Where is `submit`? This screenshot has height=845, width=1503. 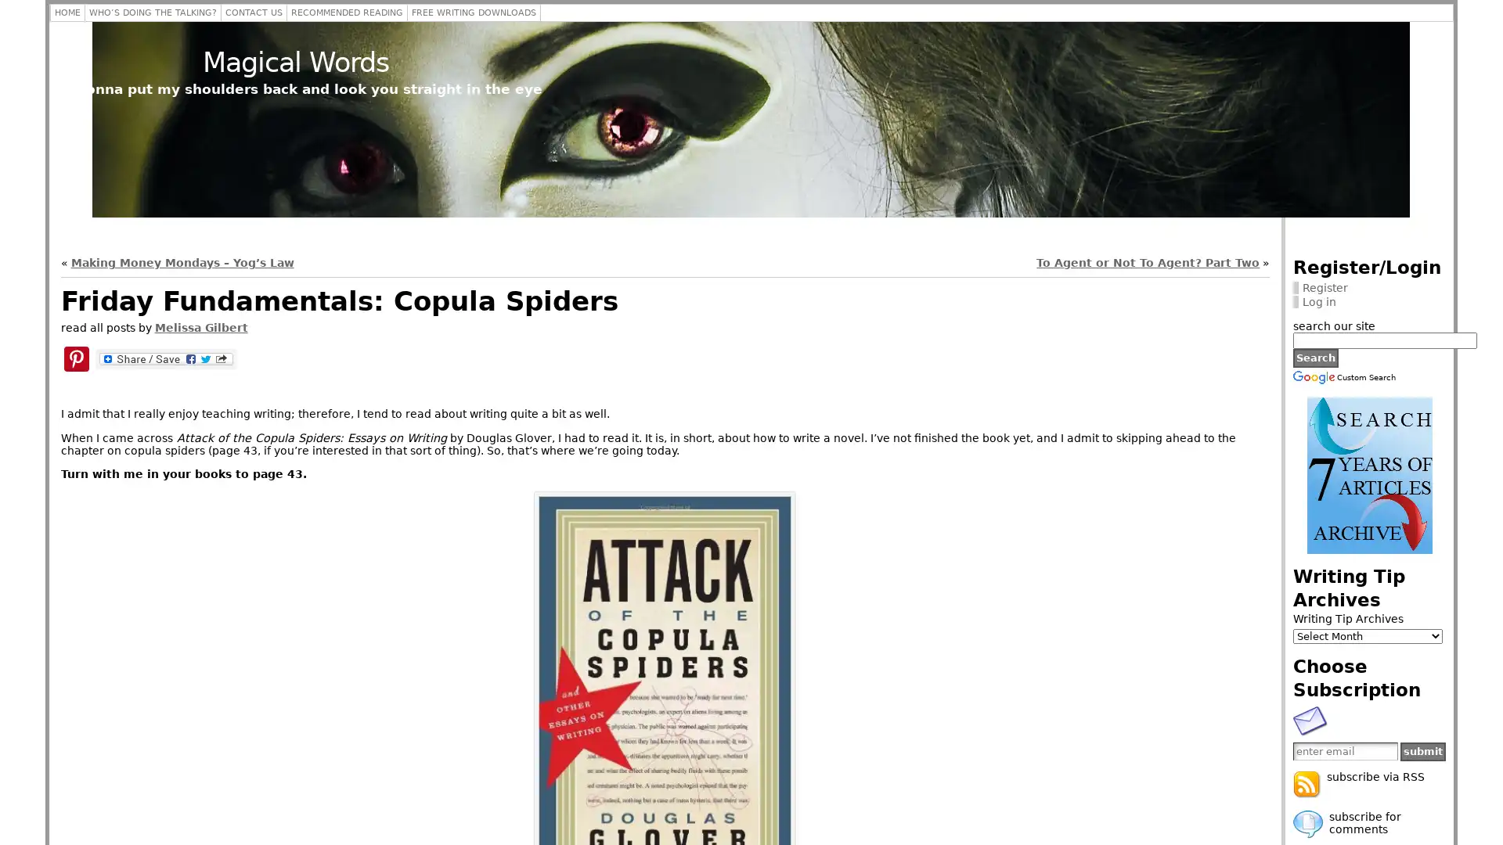
submit is located at coordinates (1423, 750).